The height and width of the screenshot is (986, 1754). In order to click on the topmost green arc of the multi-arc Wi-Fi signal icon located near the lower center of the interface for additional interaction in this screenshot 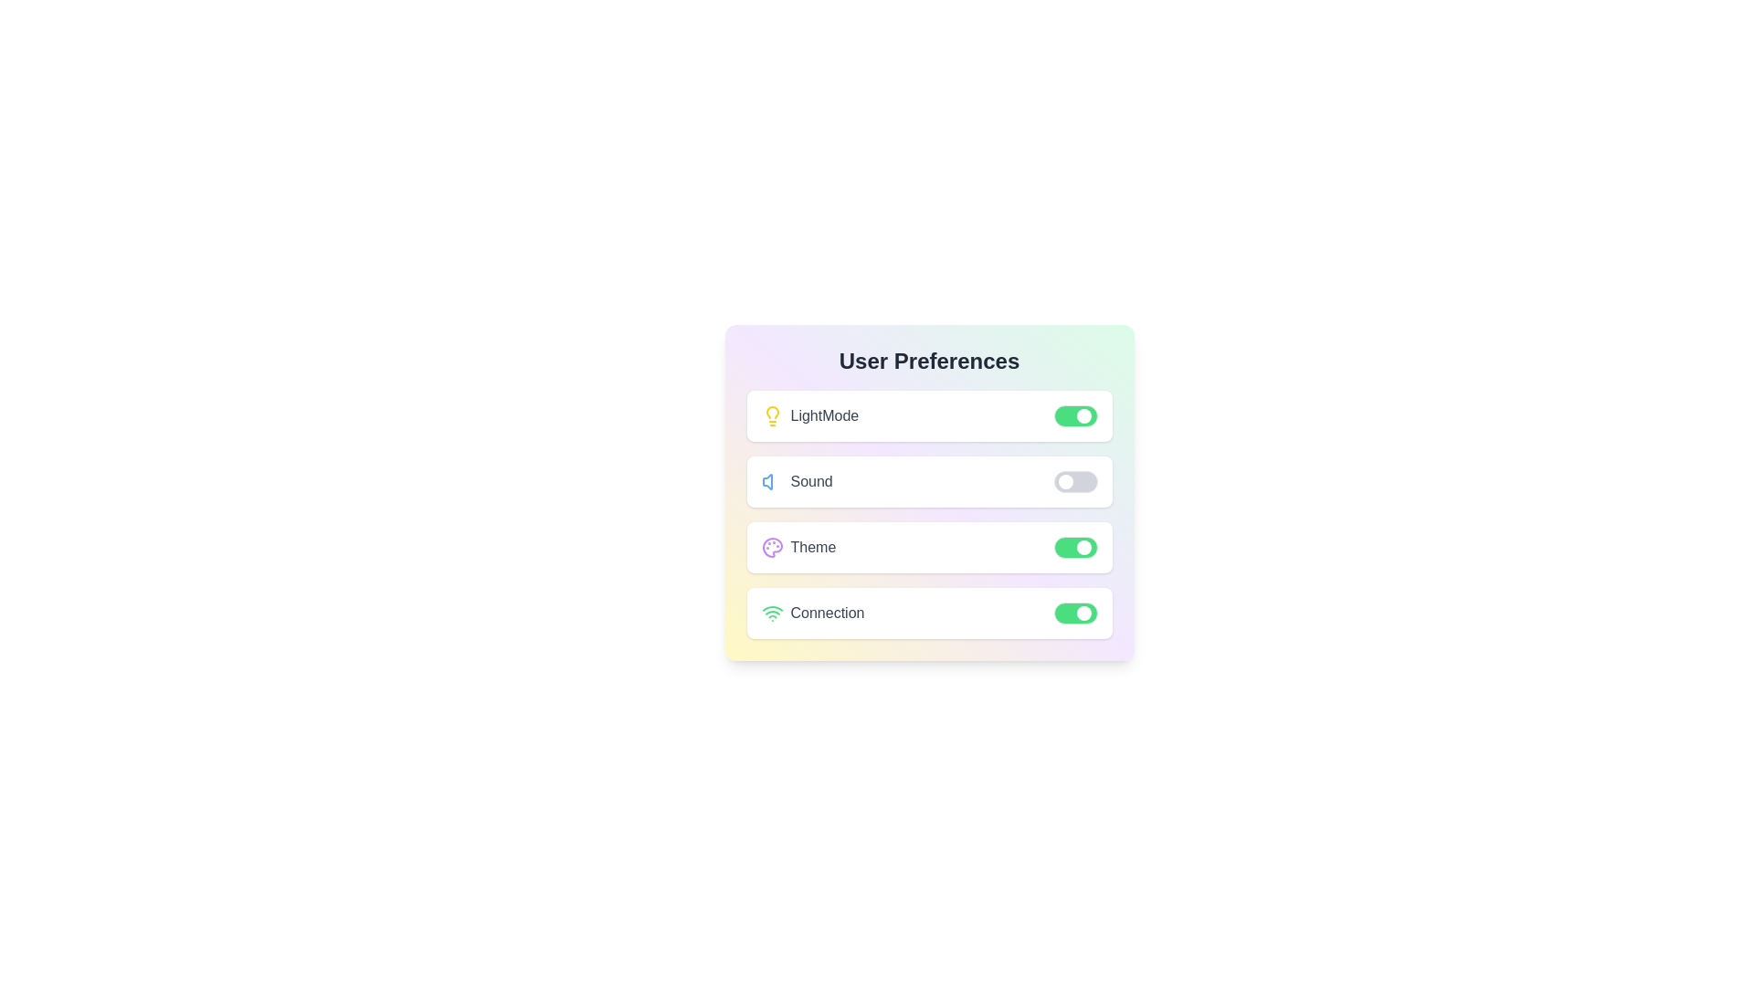, I will do `click(772, 608)`.